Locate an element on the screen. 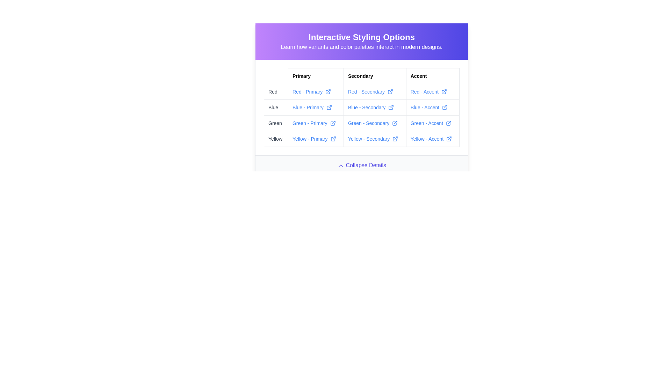 This screenshot has width=671, height=377. the hyperlink labeled 'Red - Accent' with an external link icon, located in the 'Accent' column of the table is located at coordinates (428, 91).